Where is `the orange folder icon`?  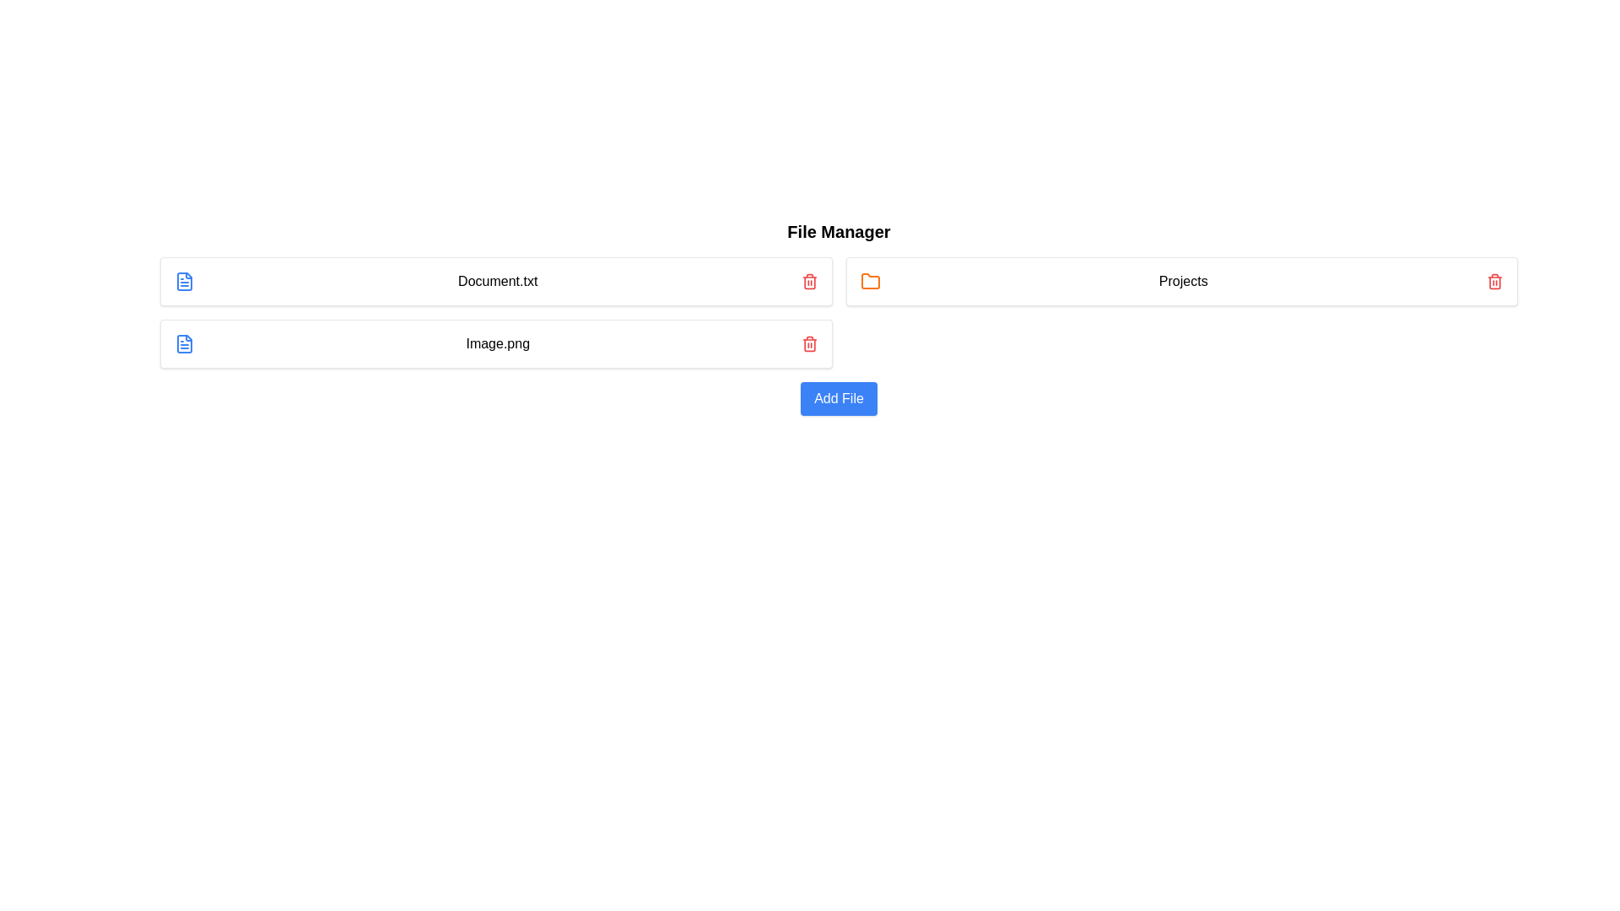 the orange folder icon is located at coordinates (870, 280).